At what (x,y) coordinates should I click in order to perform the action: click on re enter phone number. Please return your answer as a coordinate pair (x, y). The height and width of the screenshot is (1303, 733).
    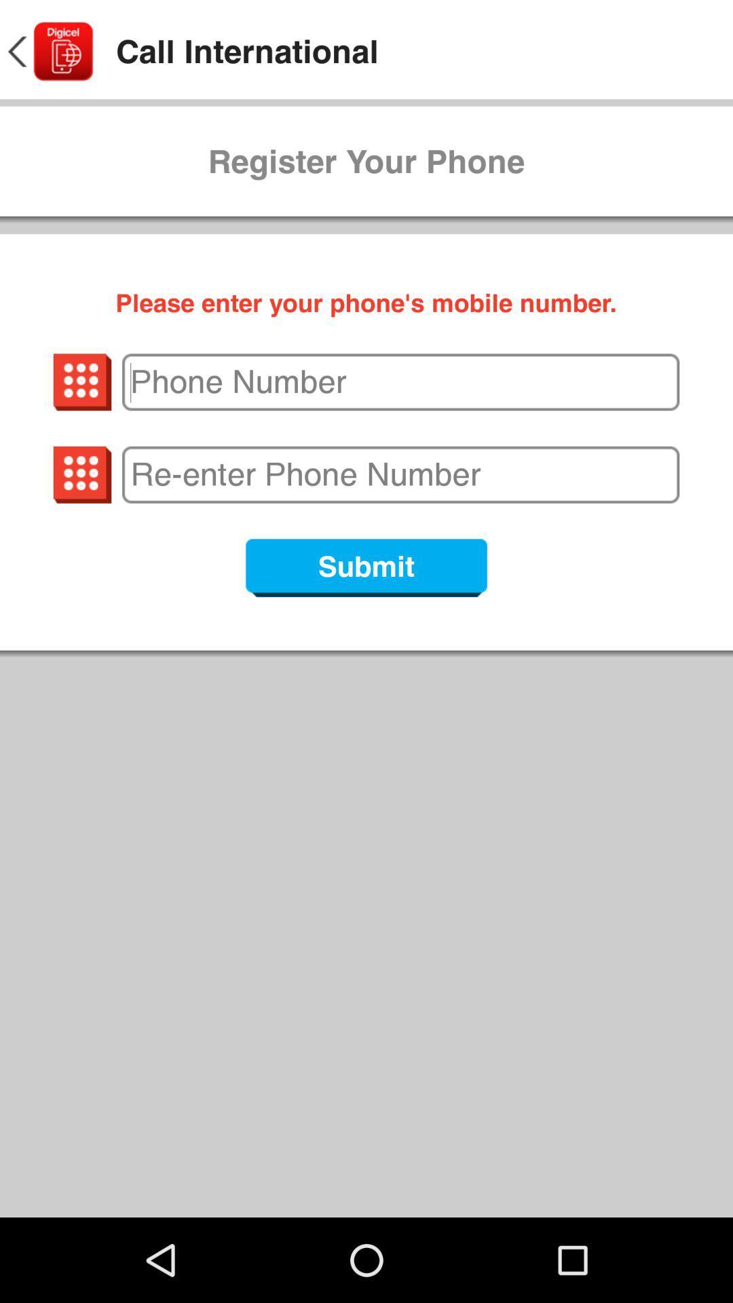
    Looking at the image, I should click on (400, 474).